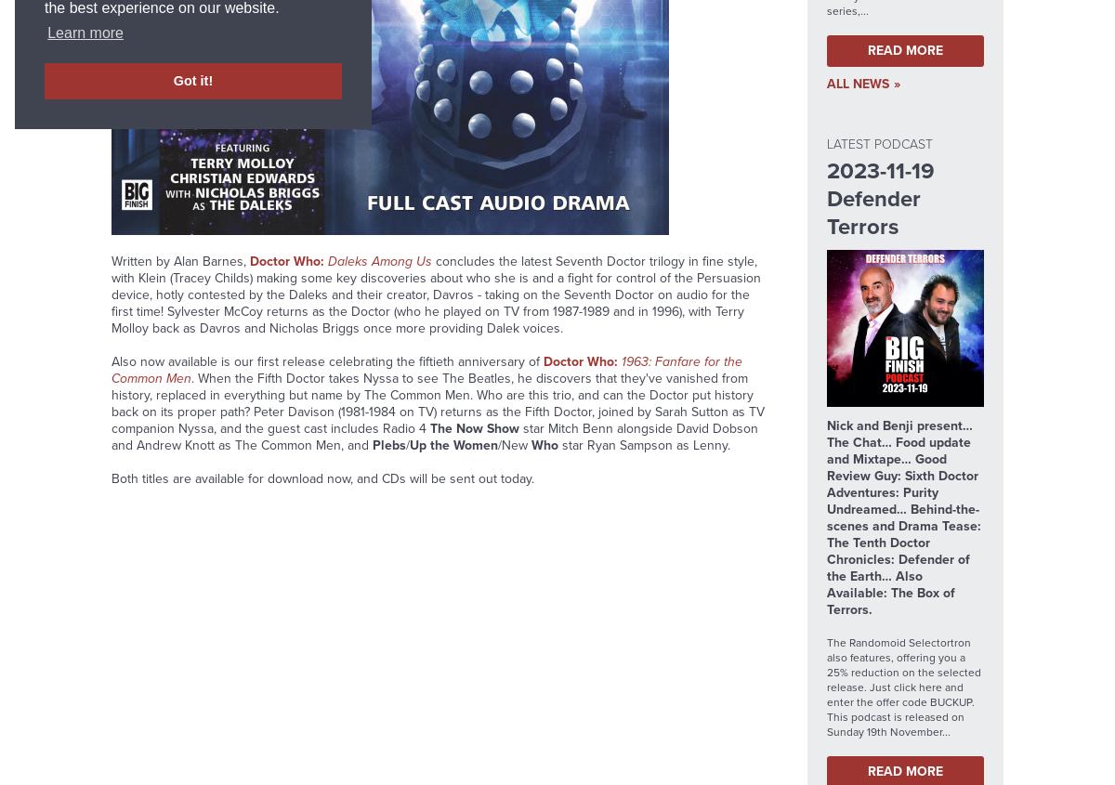 The width and height of the screenshot is (1115, 785). What do you see at coordinates (339, 143) in the screenshot?
I see `'Dark Shadows - Dramatised Readings'` at bounding box center [339, 143].